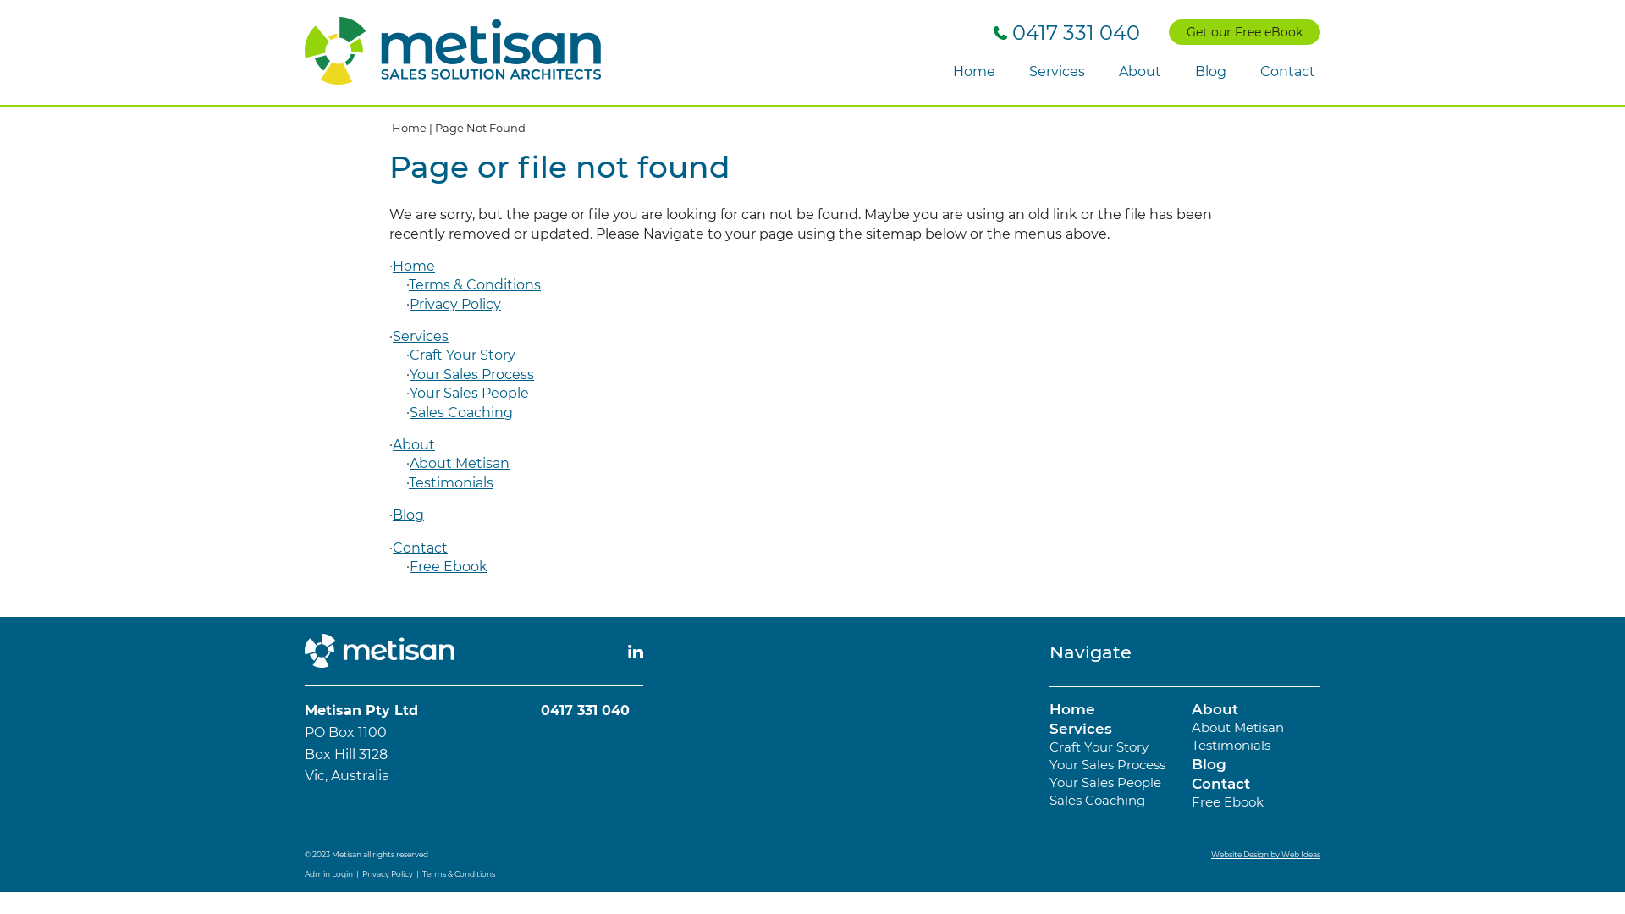 This screenshot has height=914, width=1625. What do you see at coordinates (1066, 32) in the screenshot?
I see `'0417 331 040'` at bounding box center [1066, 32].